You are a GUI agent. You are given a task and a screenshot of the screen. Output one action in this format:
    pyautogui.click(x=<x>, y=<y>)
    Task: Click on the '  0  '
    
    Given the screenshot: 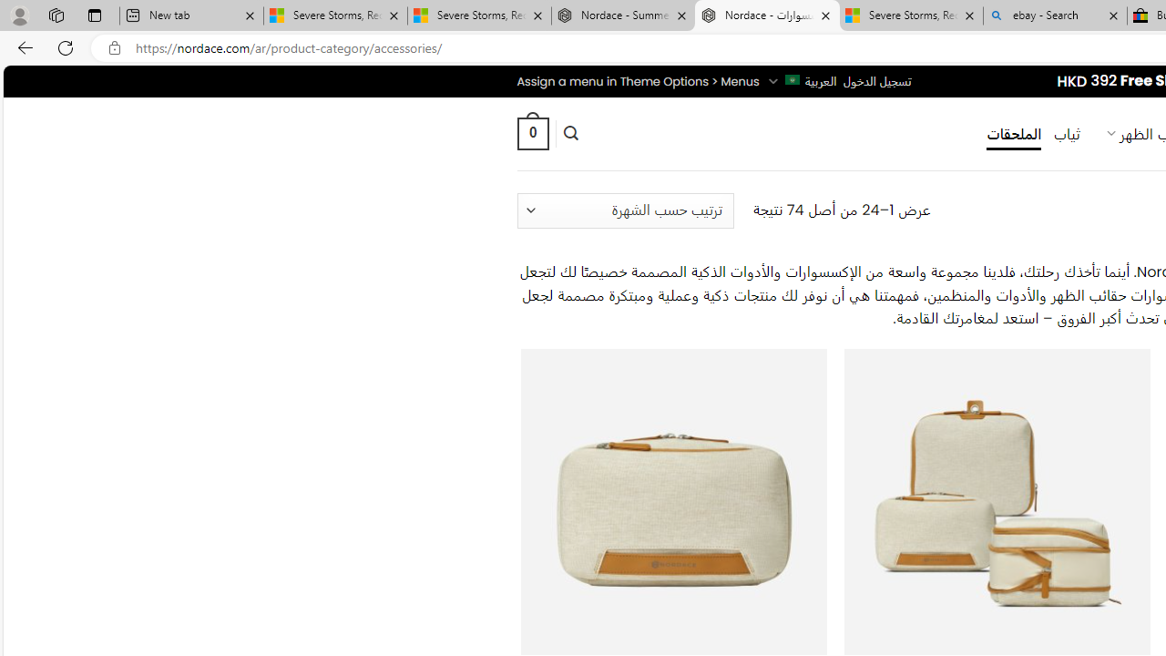 What is the action you would take?
    pyautogui.click(x=531, y=132)
    